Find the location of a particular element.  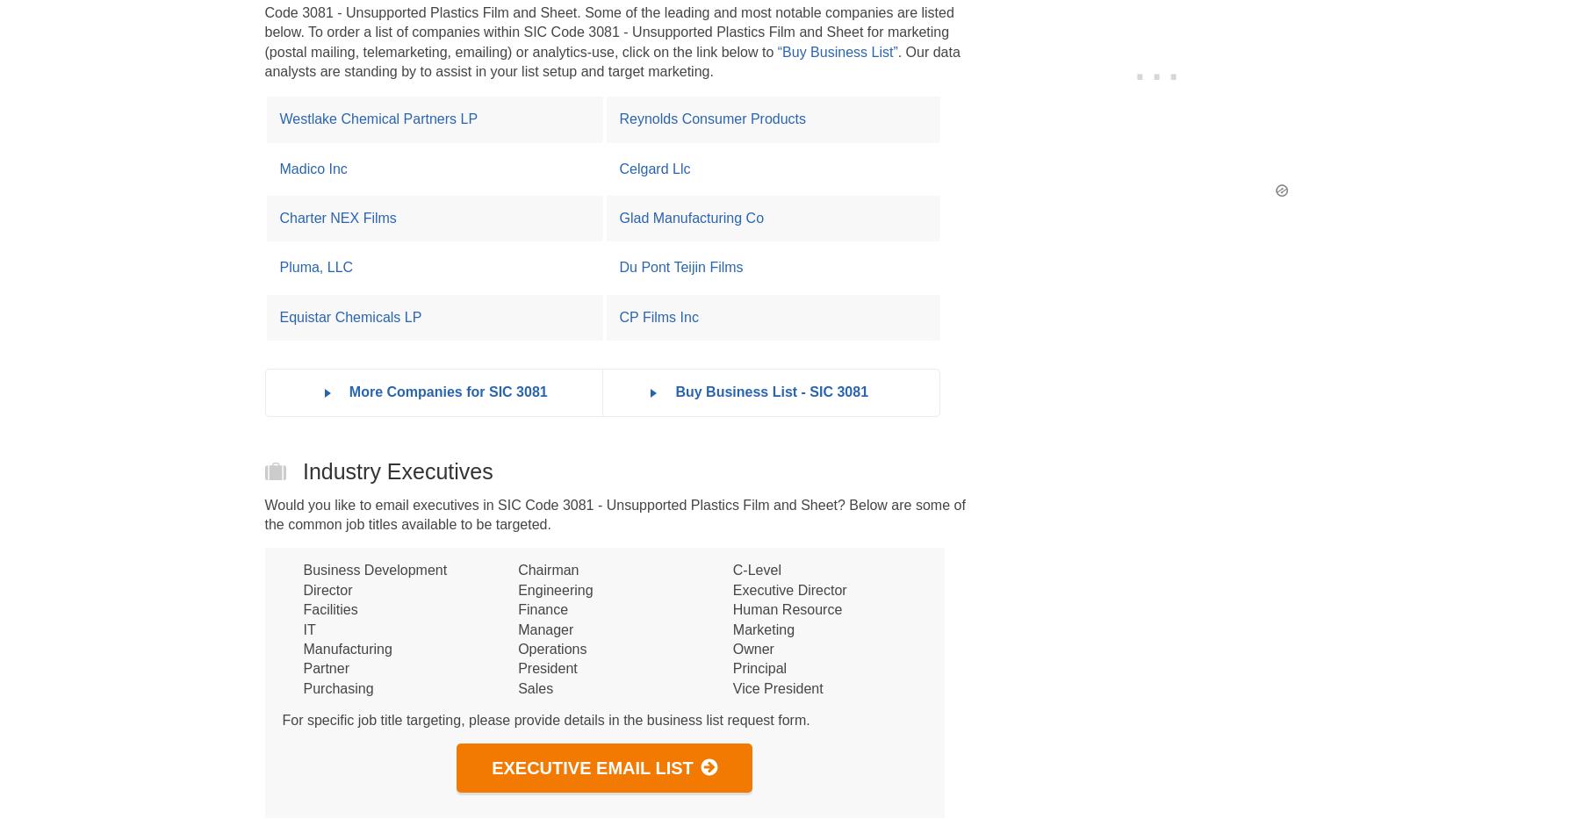

'Executive Email List' is located at coordinates (591, 766).